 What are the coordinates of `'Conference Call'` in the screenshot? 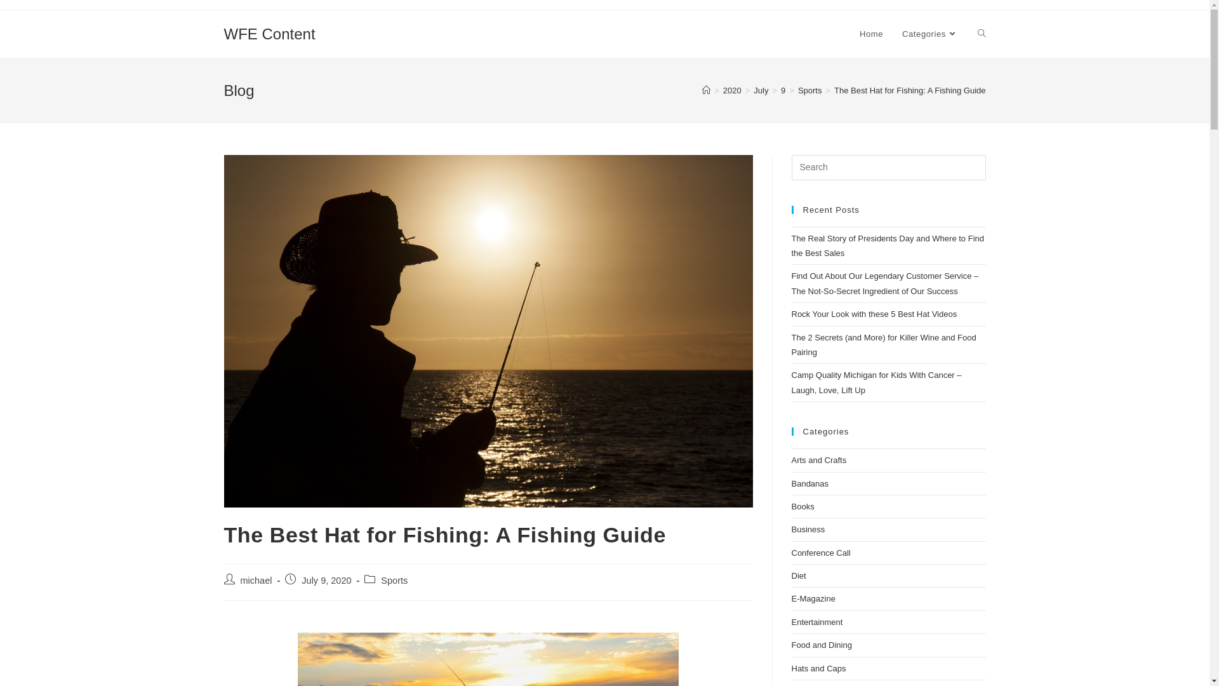 It's located at (820, 552).